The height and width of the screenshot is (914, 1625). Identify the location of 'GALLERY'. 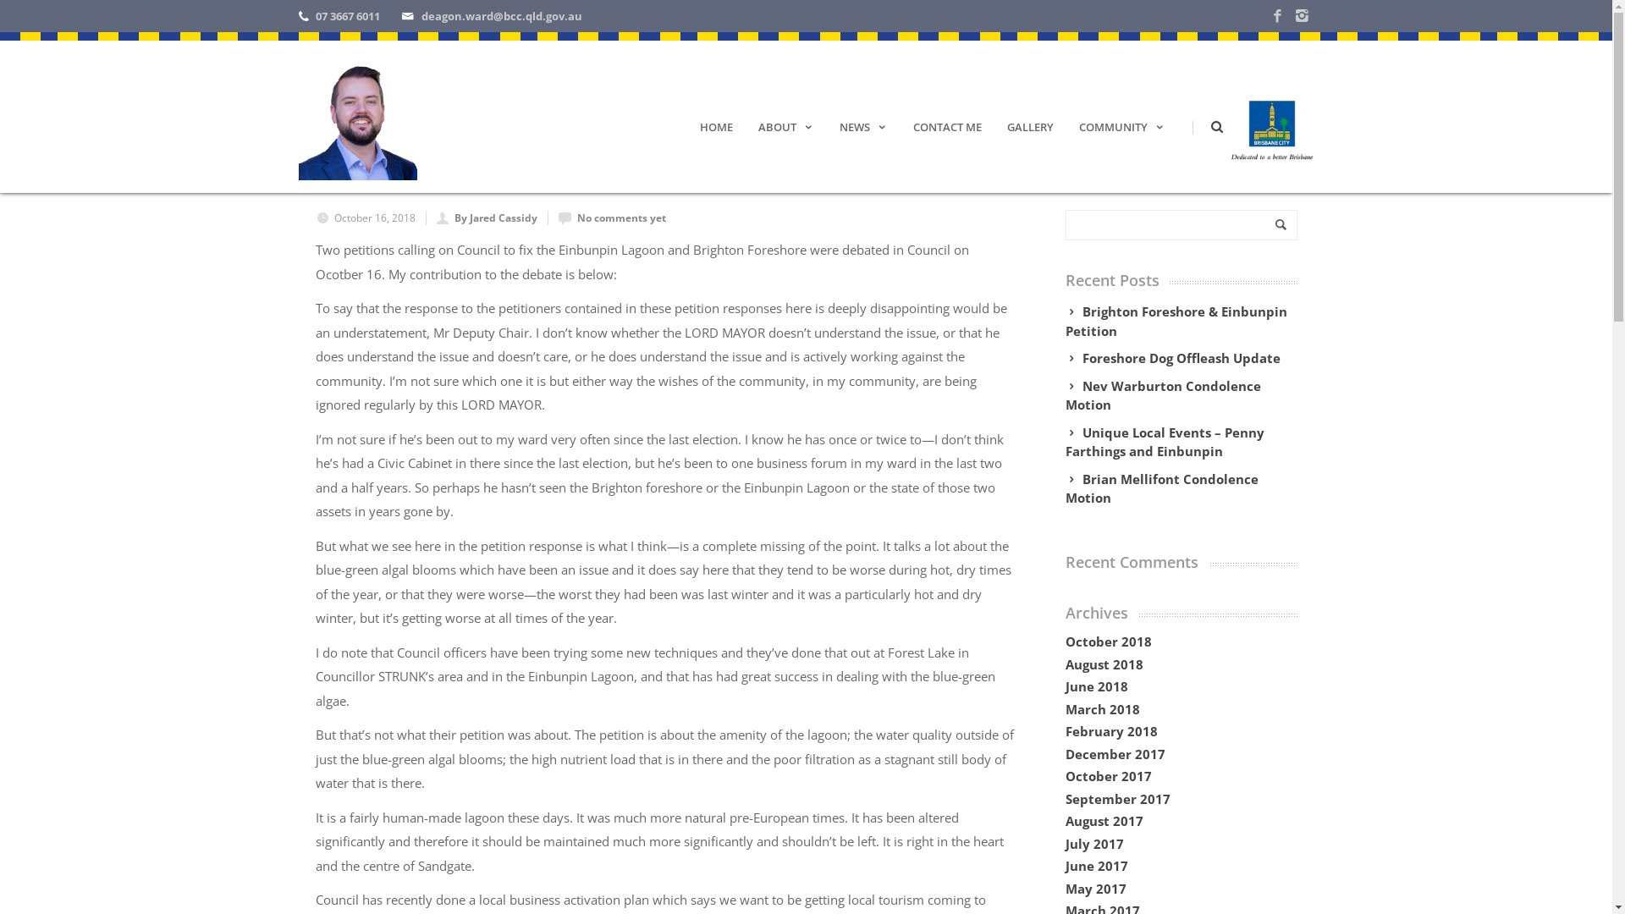
(1028, 124).